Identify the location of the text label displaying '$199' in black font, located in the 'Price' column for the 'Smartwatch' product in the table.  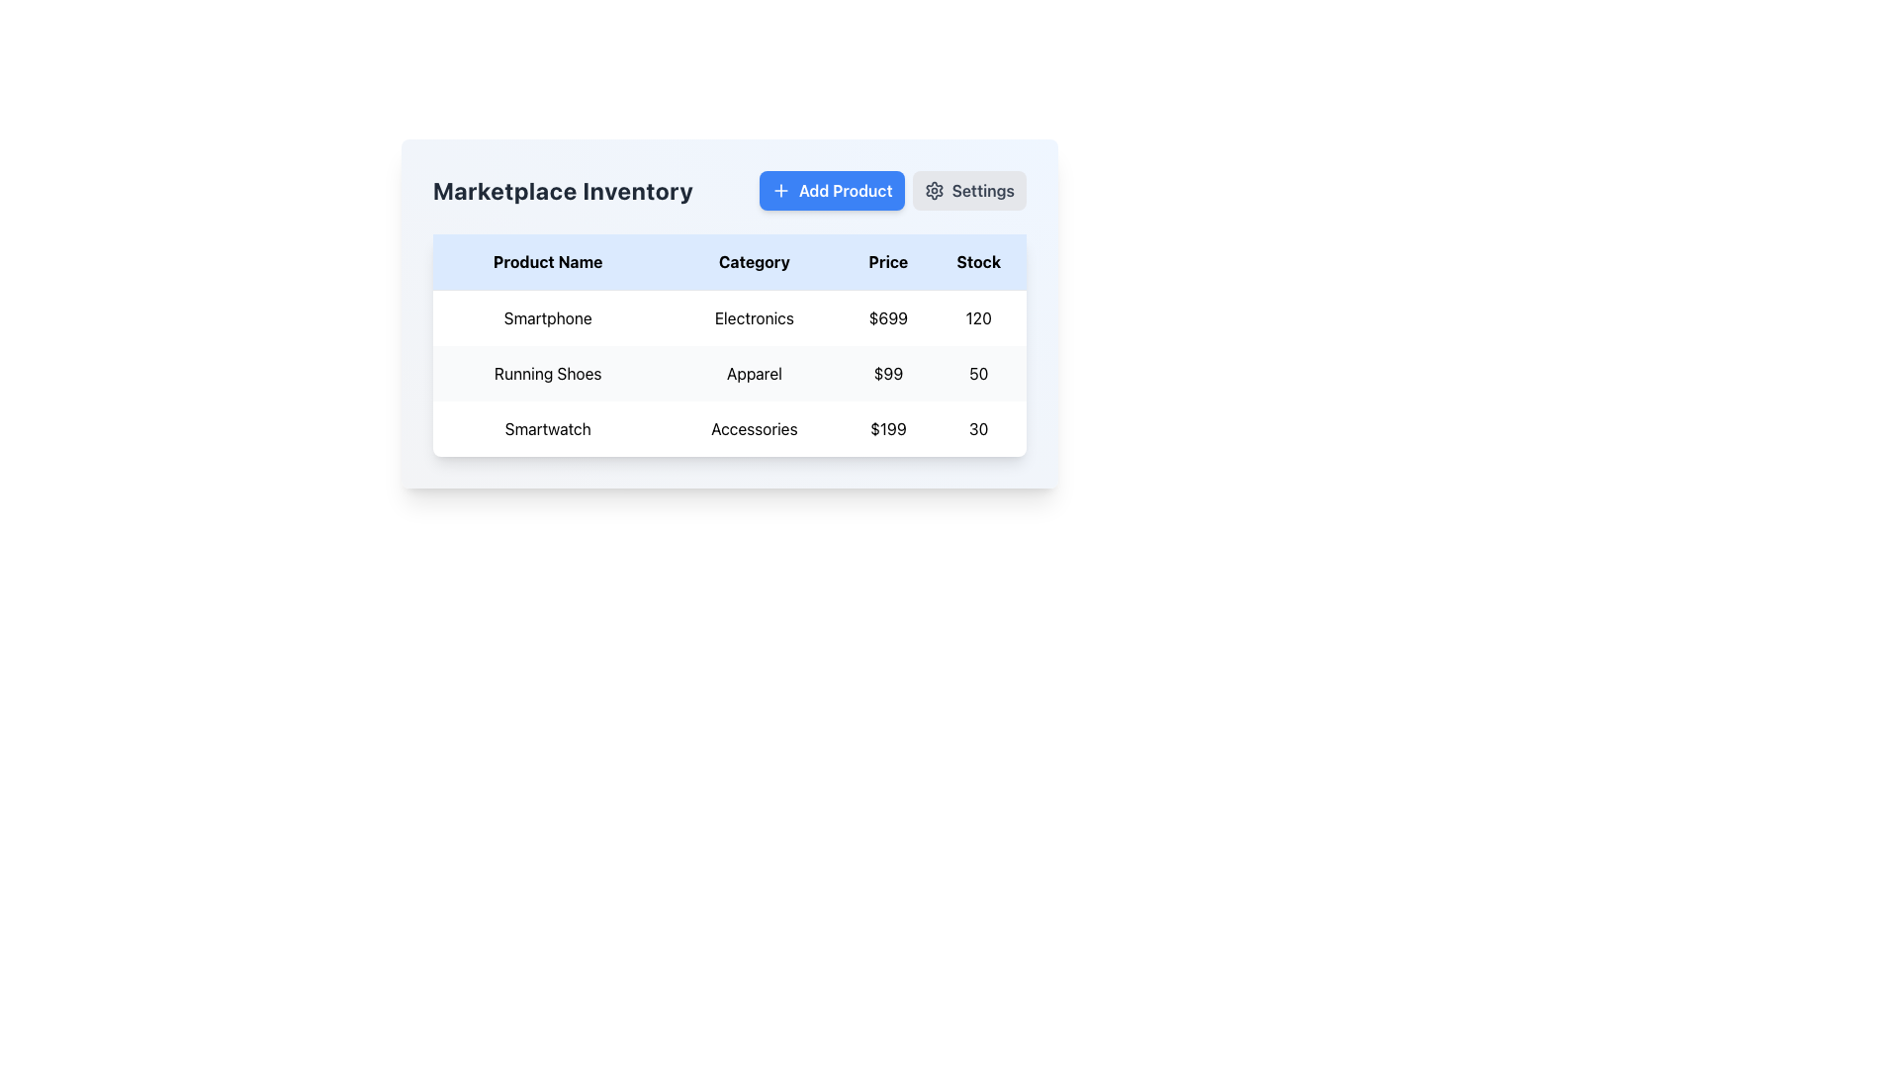
(887, 428).